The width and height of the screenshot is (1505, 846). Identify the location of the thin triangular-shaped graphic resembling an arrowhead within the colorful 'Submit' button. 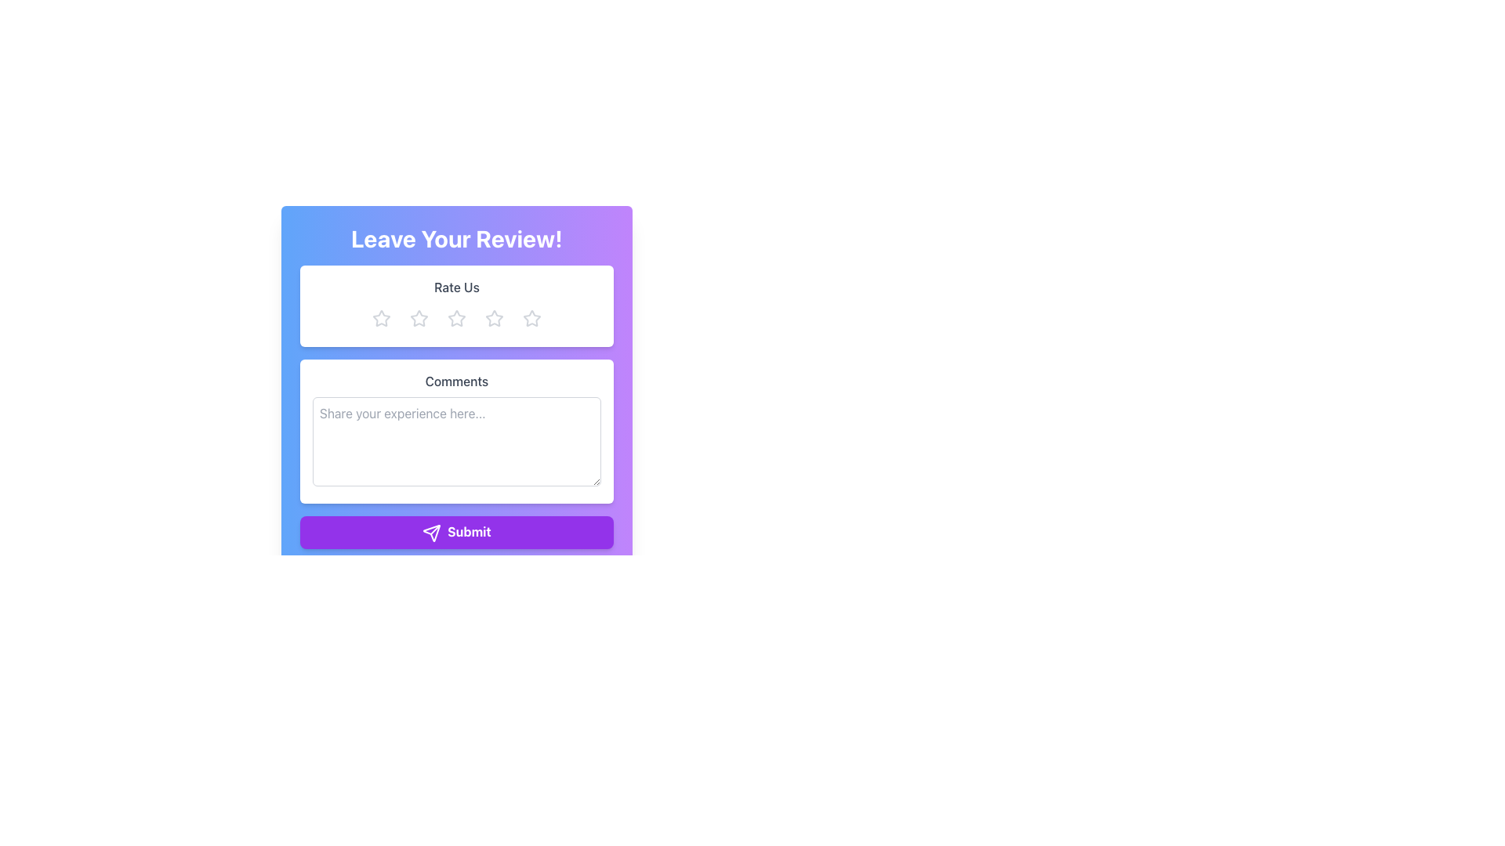
(432, 532).